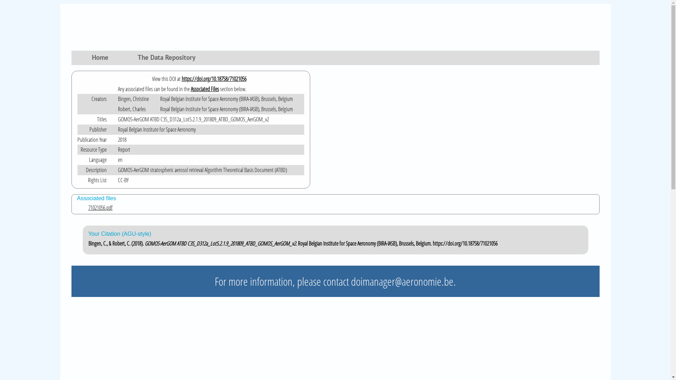  What do you see at coordinates (214, 78) in the screenshot?
I see `'https://doi.org/10.18758/71021056'` at bounding box center [214, 78].